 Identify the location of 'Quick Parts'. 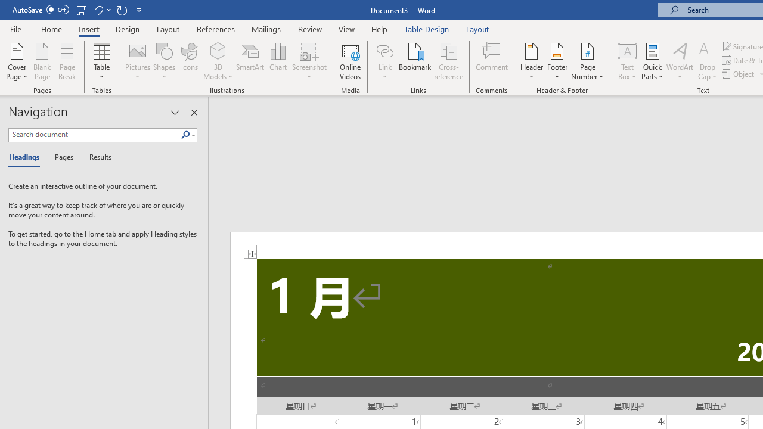
(652, 61).